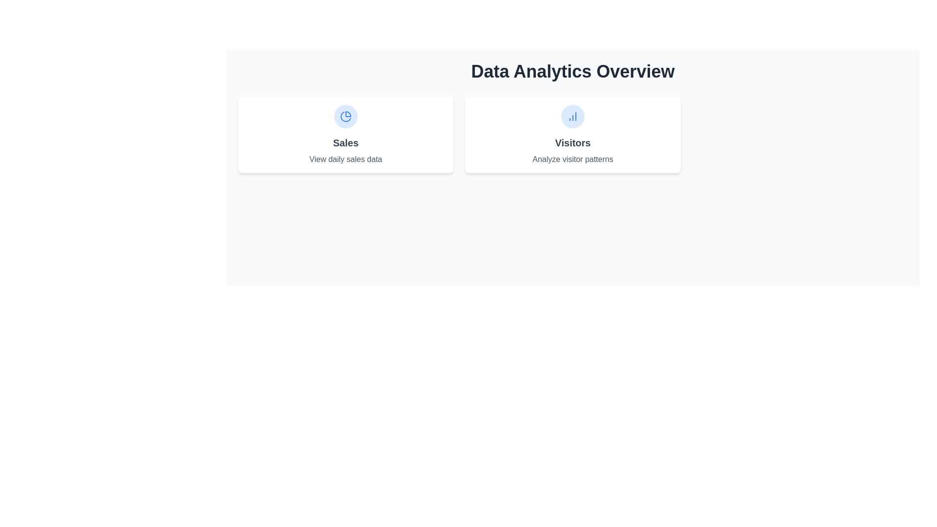  I want to click on the 'Visitors' icon located in the center of the 'Visitors' card, which is positioned on the right side of two cards under the 'Data Analytics Overview' header, so click(573, 116).